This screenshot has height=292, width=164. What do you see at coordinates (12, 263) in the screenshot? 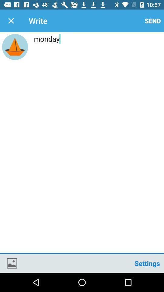
I see `the item at the bottom left corner` at bounding box center [12, 263].